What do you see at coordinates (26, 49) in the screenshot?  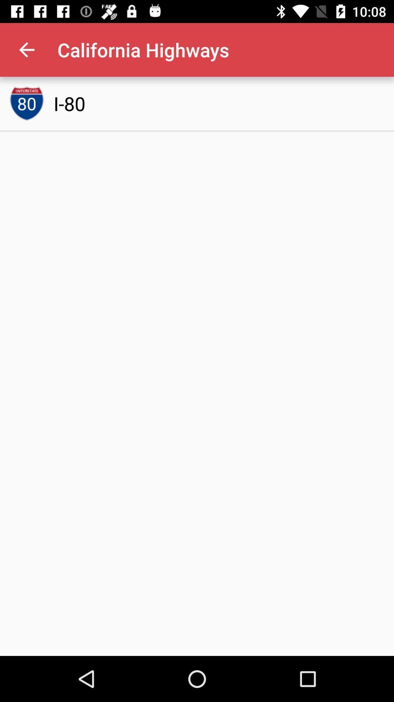 I see `icon next to california highways item` at bounding box center [26, 49].